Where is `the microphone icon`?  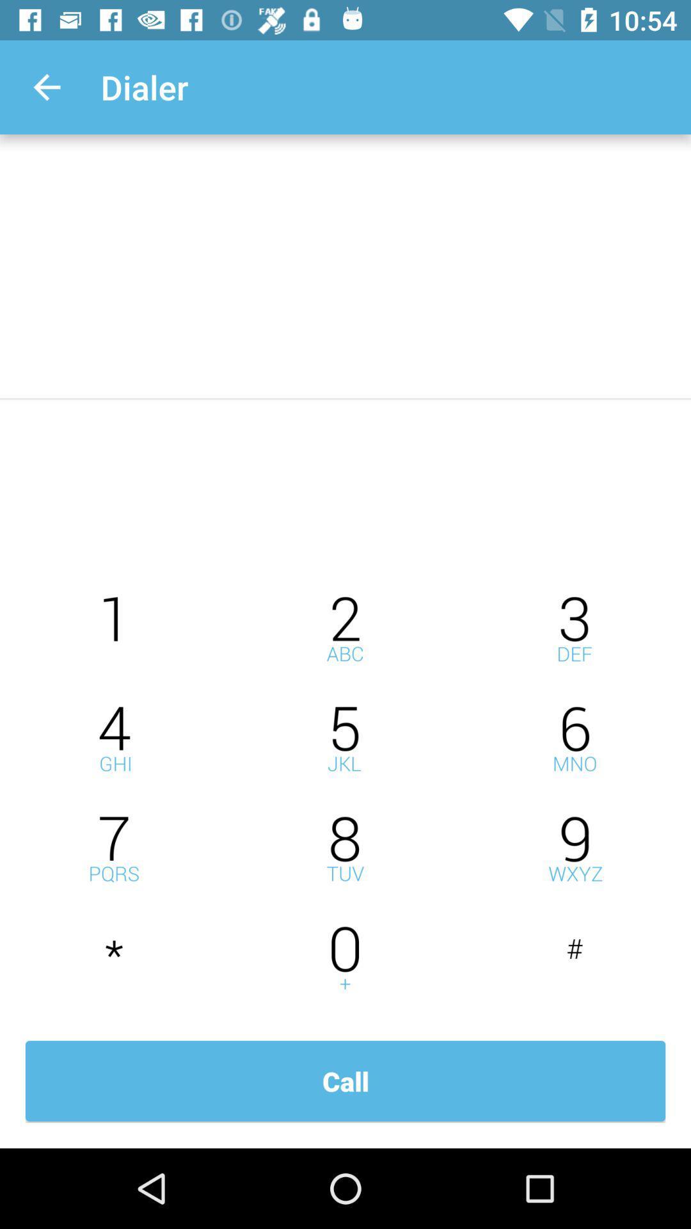 the microphone icon is located at coordinates (575, 849).